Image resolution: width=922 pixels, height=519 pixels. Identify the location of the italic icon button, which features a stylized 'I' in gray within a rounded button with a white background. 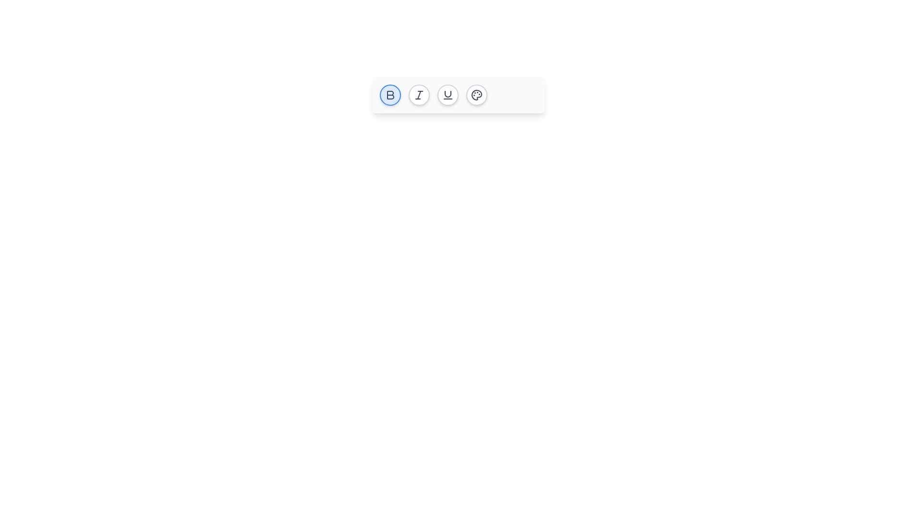
(419, 95).